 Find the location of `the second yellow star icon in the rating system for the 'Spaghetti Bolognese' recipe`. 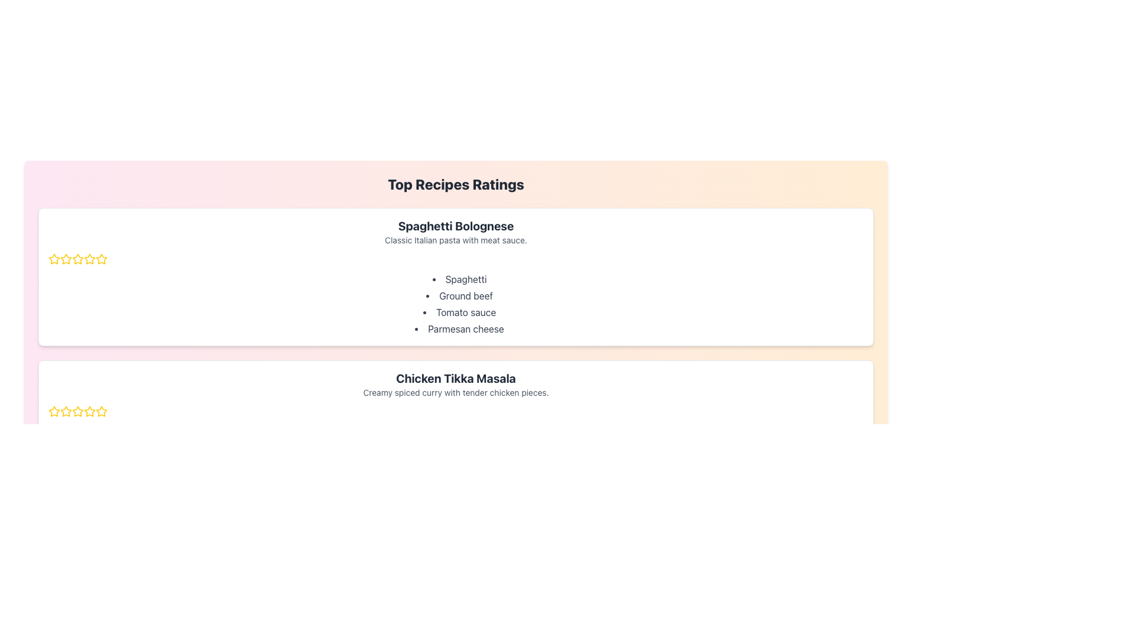

the second yellow star icon in the rating system for the 'Spaghetti Bolognese' recipe is located at coordinates (77, 258).